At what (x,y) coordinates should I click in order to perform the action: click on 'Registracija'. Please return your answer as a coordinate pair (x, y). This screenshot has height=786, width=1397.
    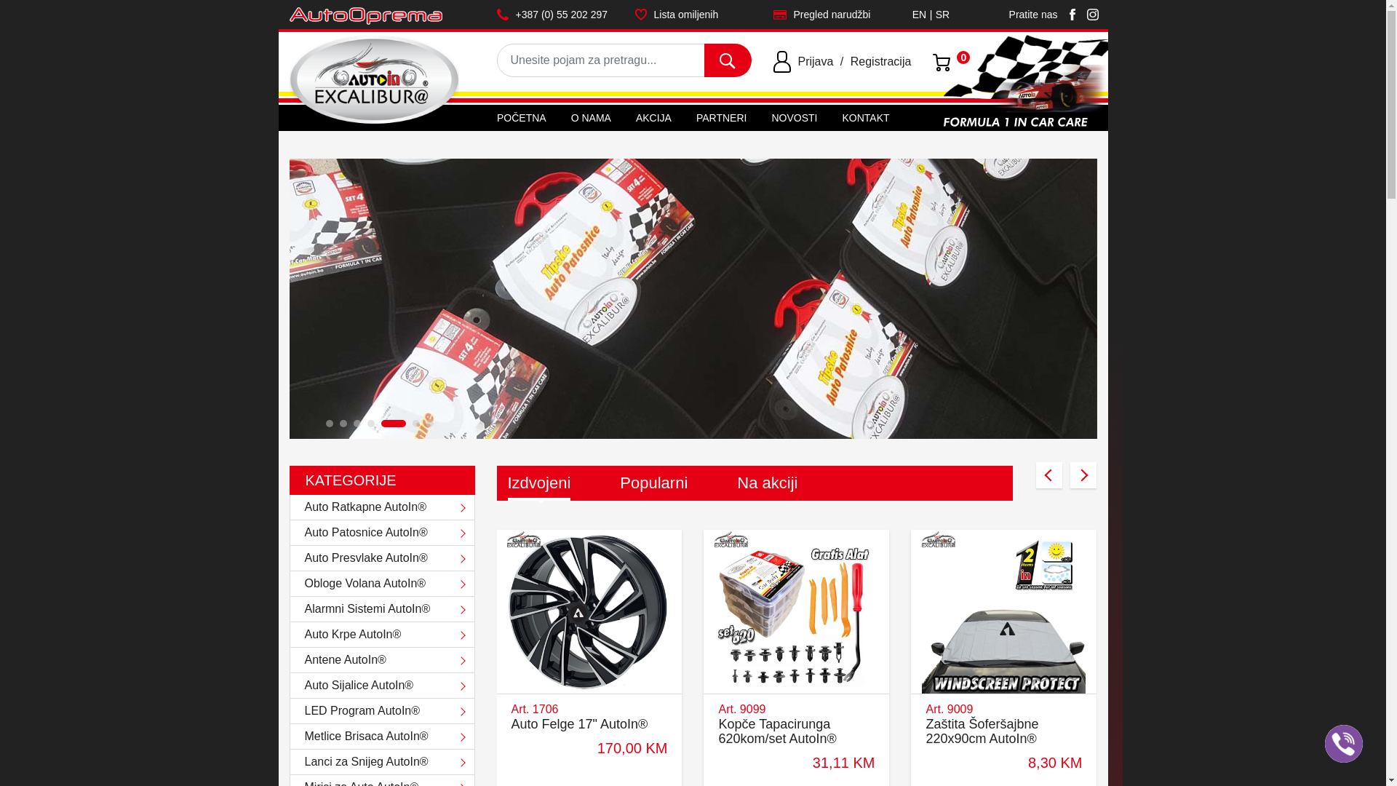
    Looking at the image, I should click on (851, 60).